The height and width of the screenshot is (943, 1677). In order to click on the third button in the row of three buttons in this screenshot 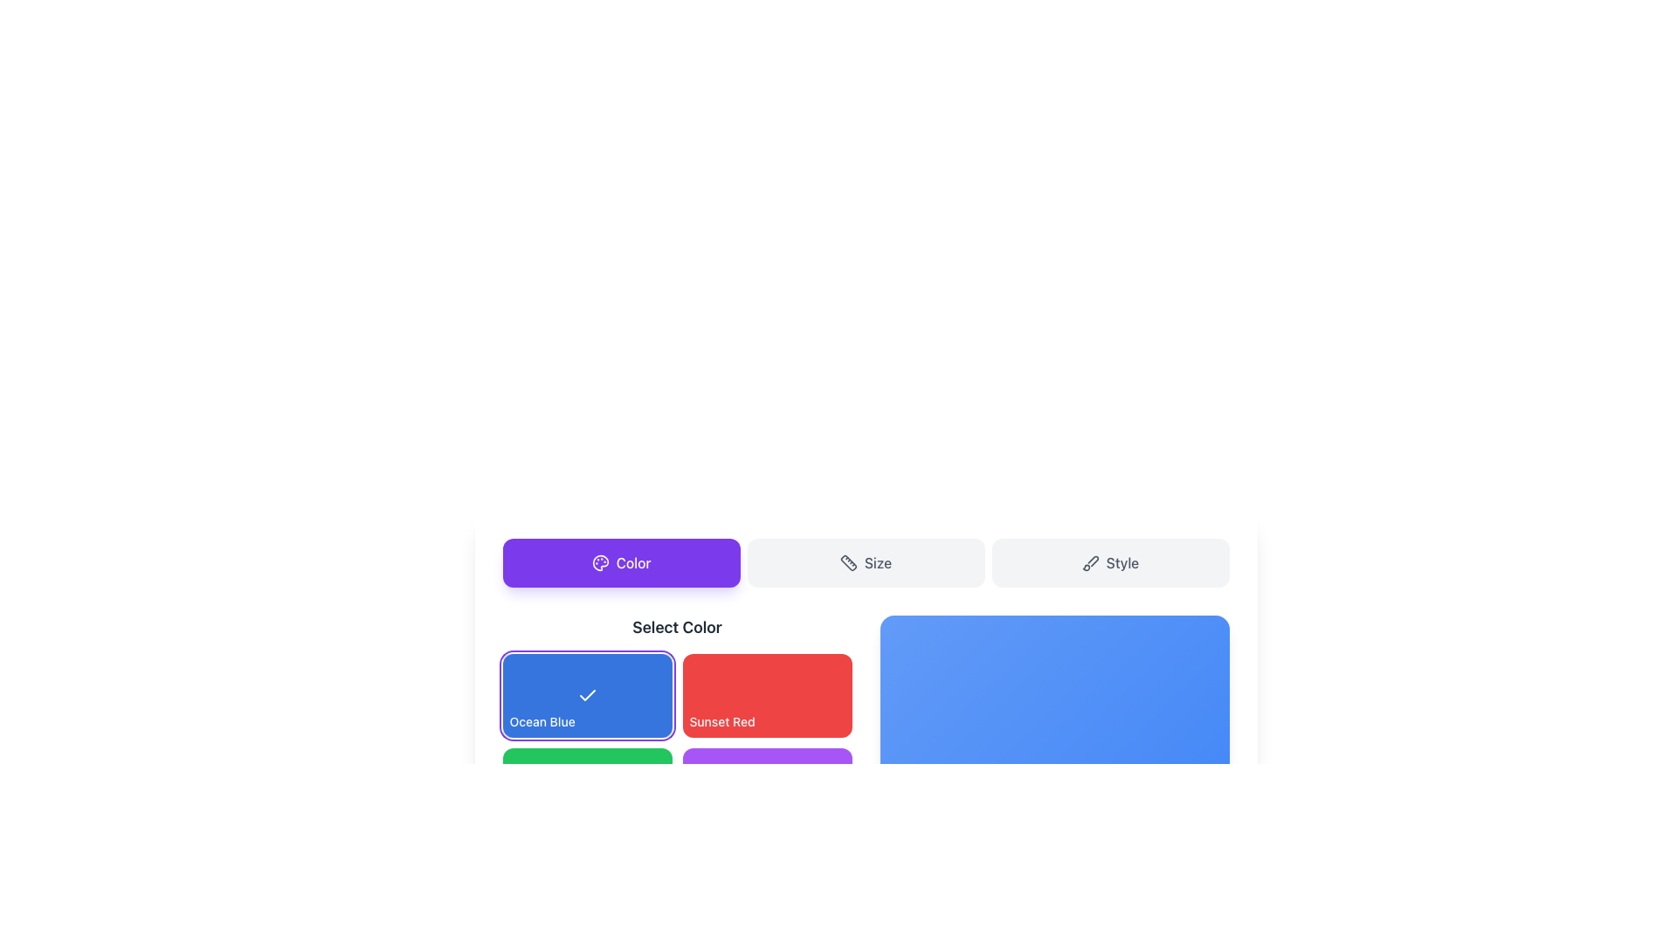, I will do `click(1109, 562)`.